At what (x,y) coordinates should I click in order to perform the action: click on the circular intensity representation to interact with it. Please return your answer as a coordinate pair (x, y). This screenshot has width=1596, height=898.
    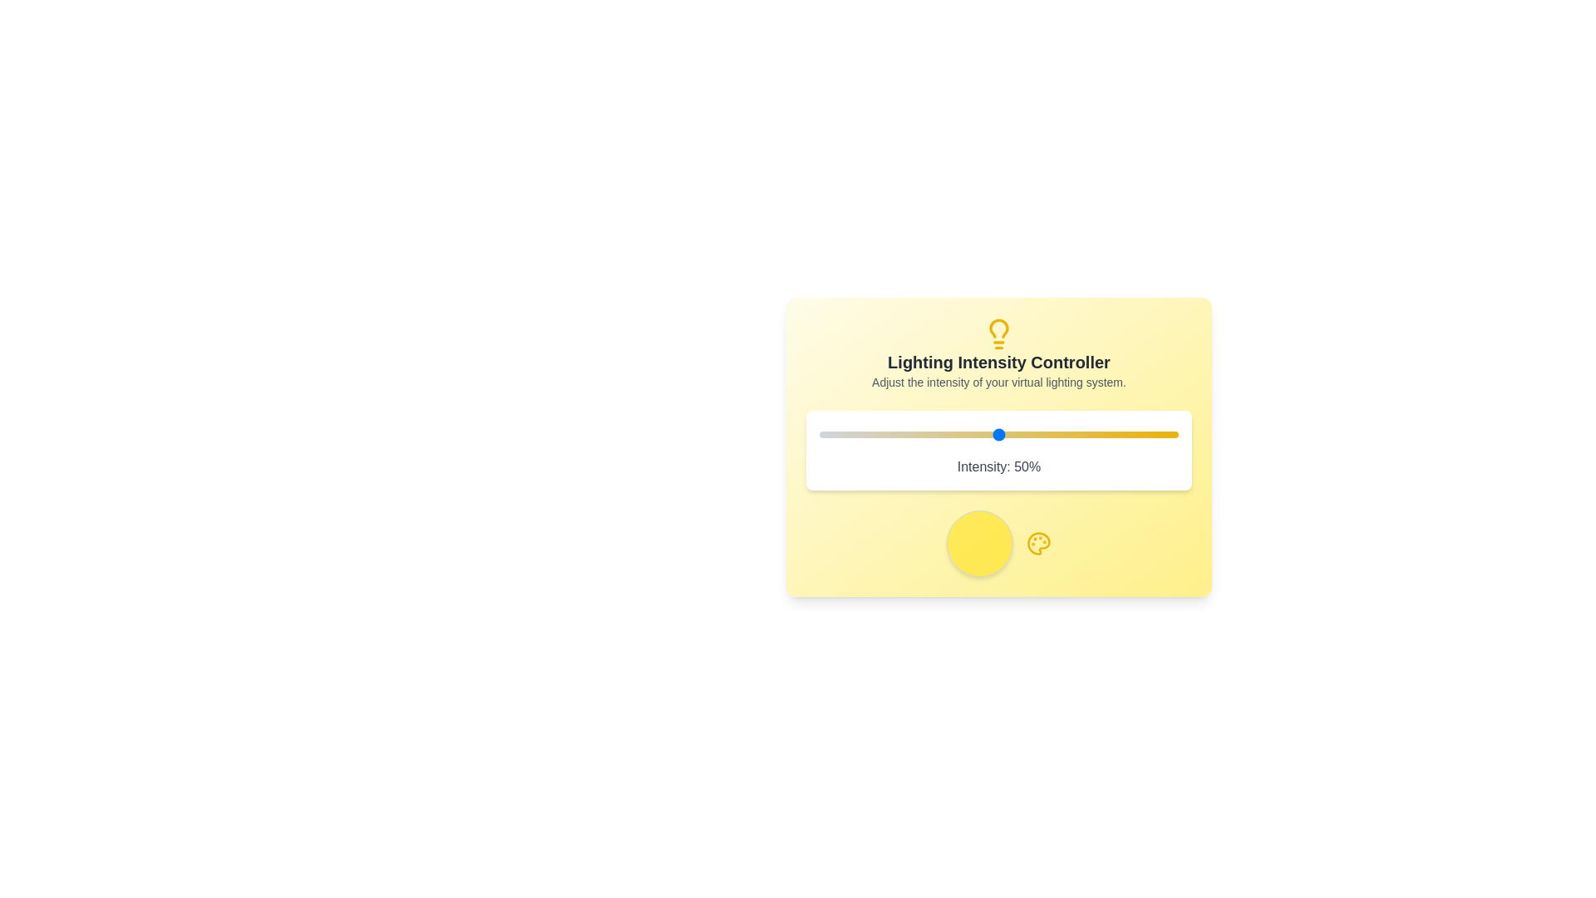
    Looking at the image, I should click on (980, 544).